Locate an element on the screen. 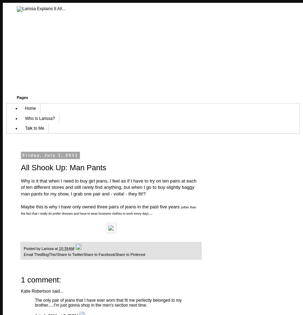  'Posted by' is located at coordinates (32, 248).